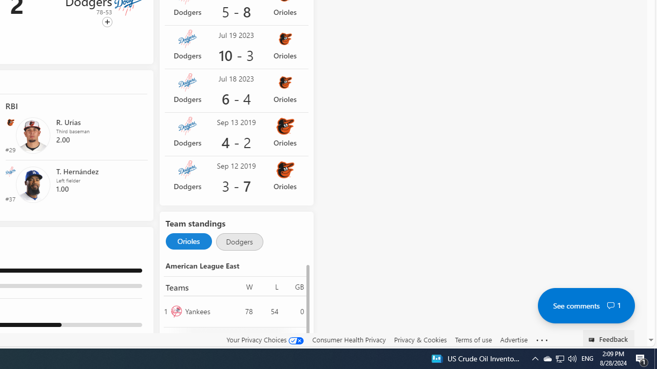  What do you see at coordinates (239, 241) in the screenshot?
I see `'Dodgers'` at bounding box center [239, 241].